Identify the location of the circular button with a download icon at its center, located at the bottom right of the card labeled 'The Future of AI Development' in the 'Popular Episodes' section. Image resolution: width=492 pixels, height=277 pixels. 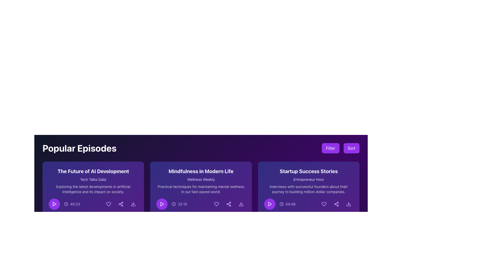
(133, 204).